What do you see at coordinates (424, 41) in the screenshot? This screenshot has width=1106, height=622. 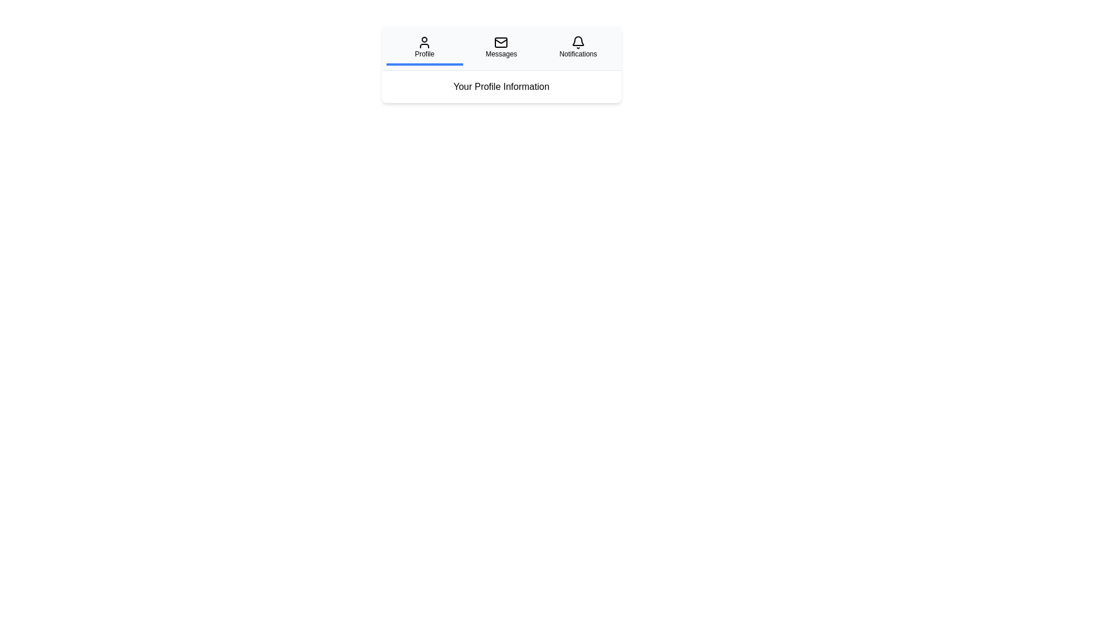 I see `the 'Profile' icon in the navigation bar, which serves as a graphical indicator for accessing user profile information` at bounding box center [424, 41].